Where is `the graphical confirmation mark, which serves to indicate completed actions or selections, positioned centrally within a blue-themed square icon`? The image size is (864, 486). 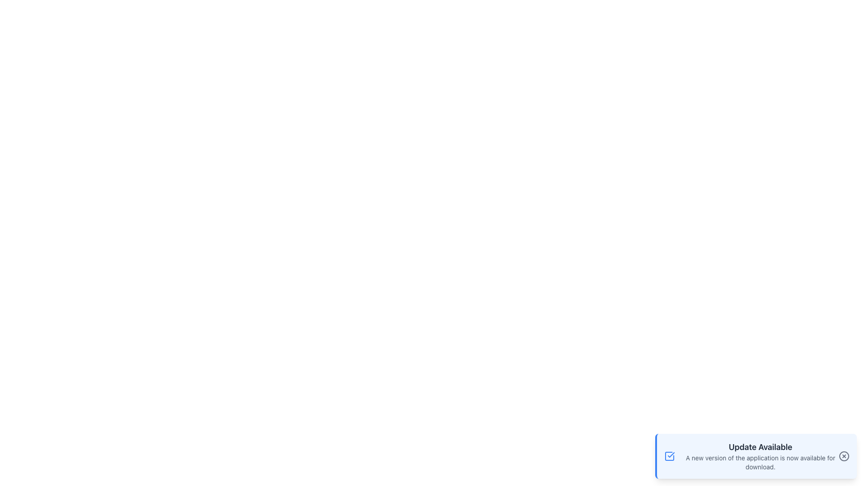 the graphical confirmation mark, which serves to indicate completed actions or selections, positioned centrally within a blue-themed square icon is located at coordinates (671, 454).